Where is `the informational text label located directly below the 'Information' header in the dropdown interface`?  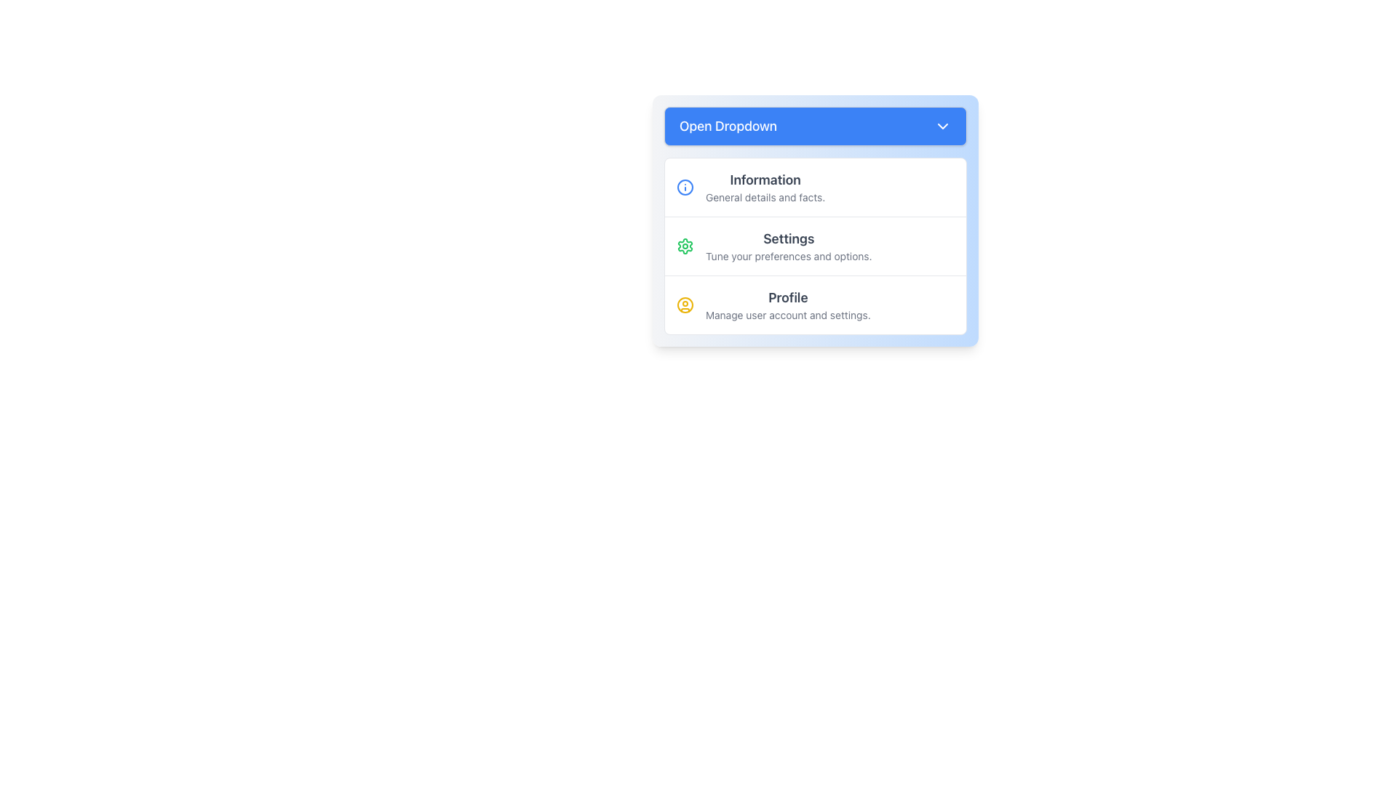 the informational text label located directly below the 'Information' header in the dropdown interface is located at coordinates (765, 198).